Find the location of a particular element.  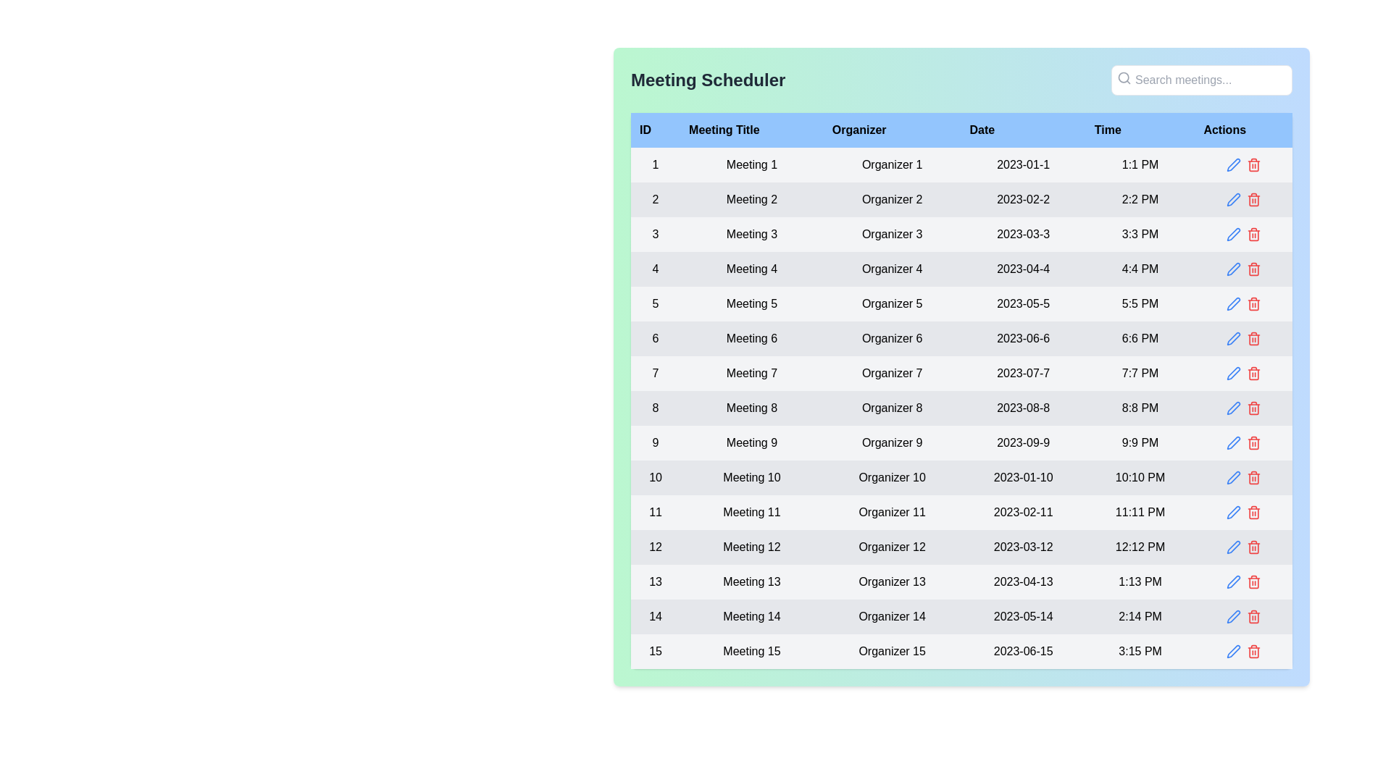

the pencil icon in the 'Actions' column of the row for 'Meeting 5' is located at coordinates (1242, 303).